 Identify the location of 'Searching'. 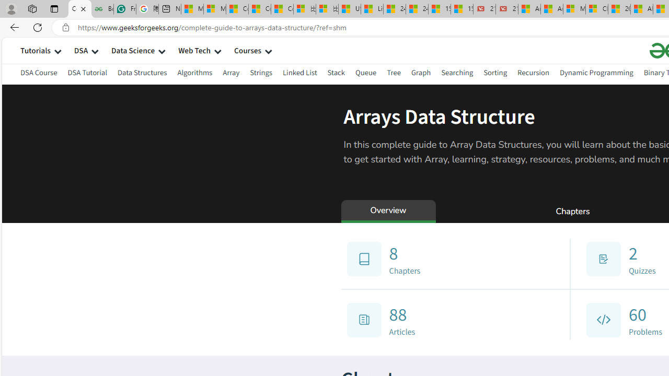
(457, 72).